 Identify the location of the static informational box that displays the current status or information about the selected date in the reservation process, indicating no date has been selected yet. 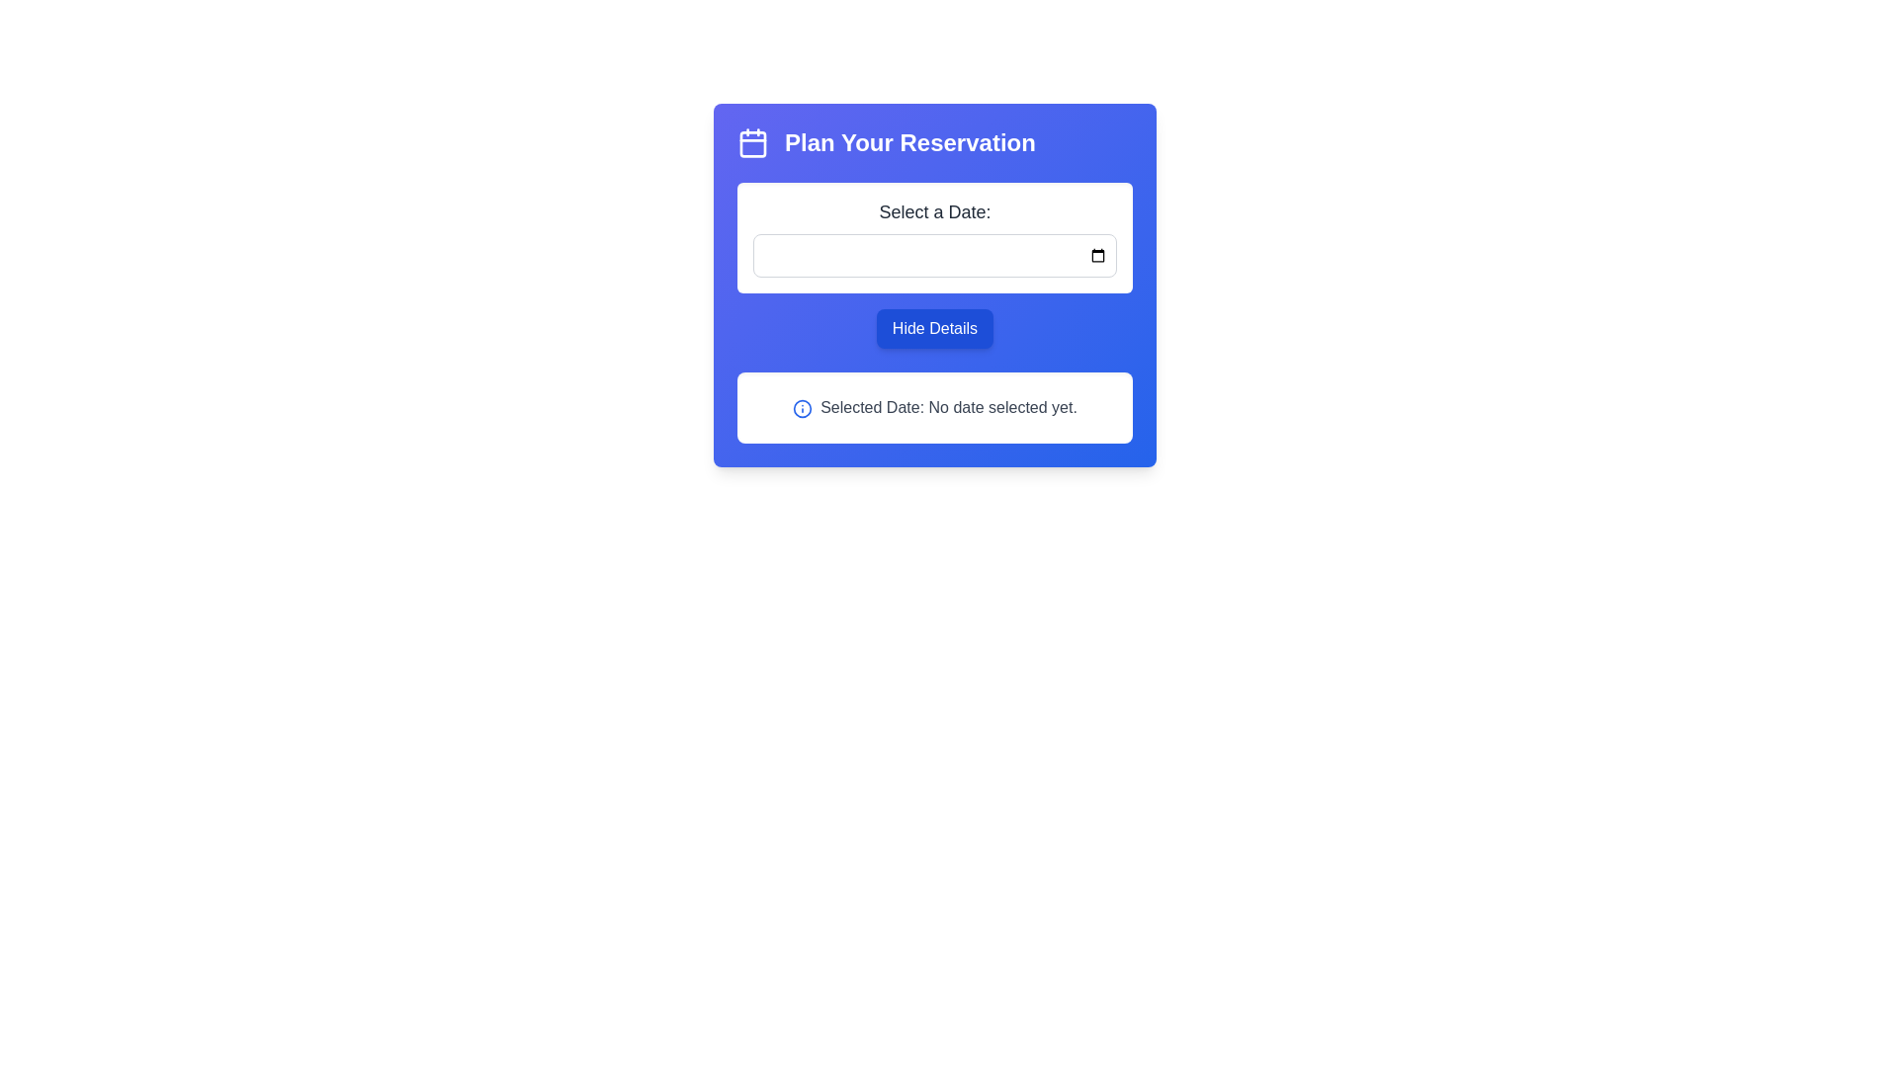
(933, 406).